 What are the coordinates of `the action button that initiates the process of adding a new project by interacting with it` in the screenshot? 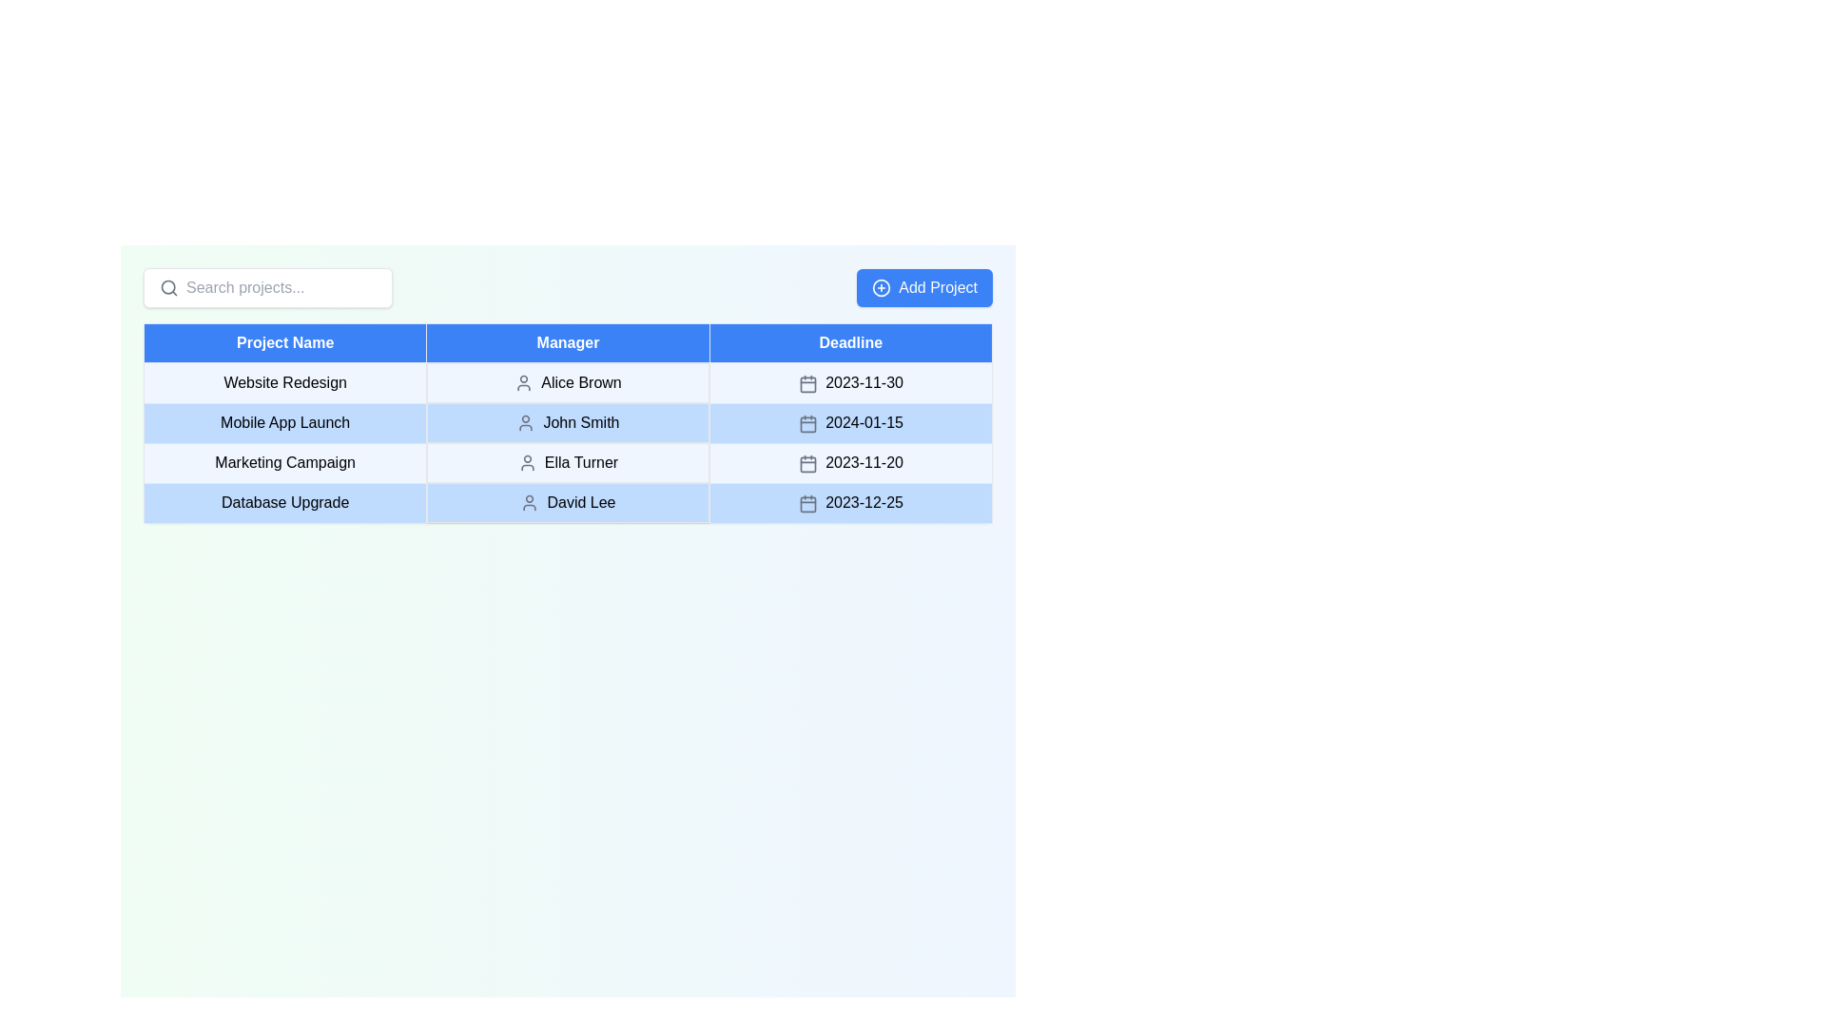 It's located at (567, 288).